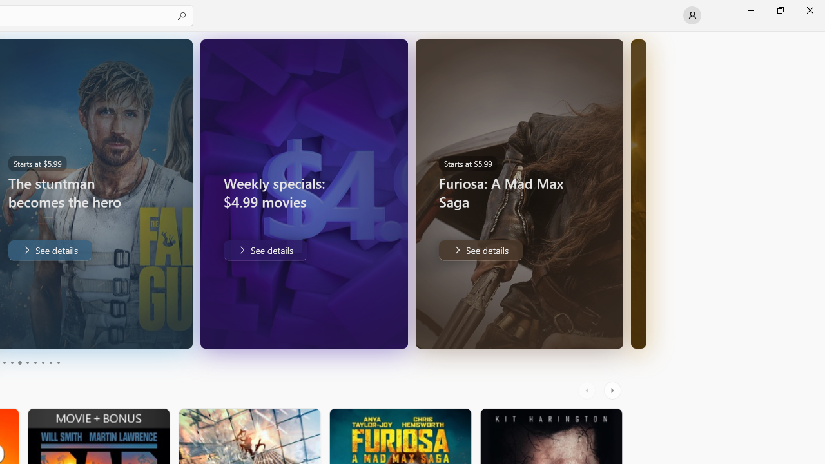 This screenshot has height=464, width=825. I want to click on 'Page 10', so click(57, 363).